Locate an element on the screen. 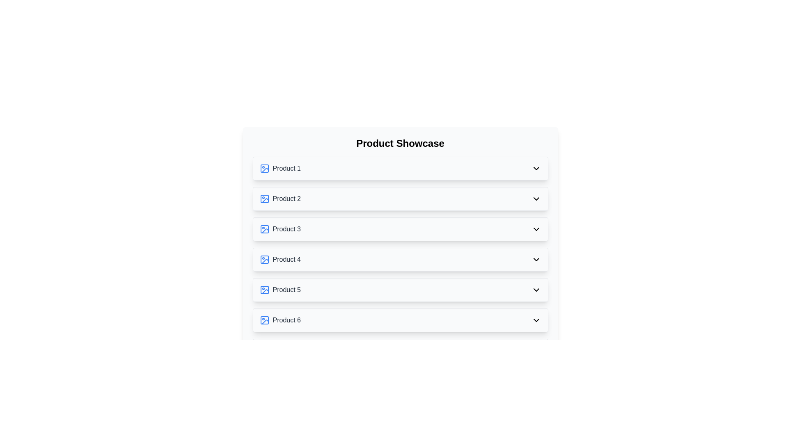 This screenshot has height=443, width=788. the image icon next to the product titled Product 6 is located at coordinates (264, 320).